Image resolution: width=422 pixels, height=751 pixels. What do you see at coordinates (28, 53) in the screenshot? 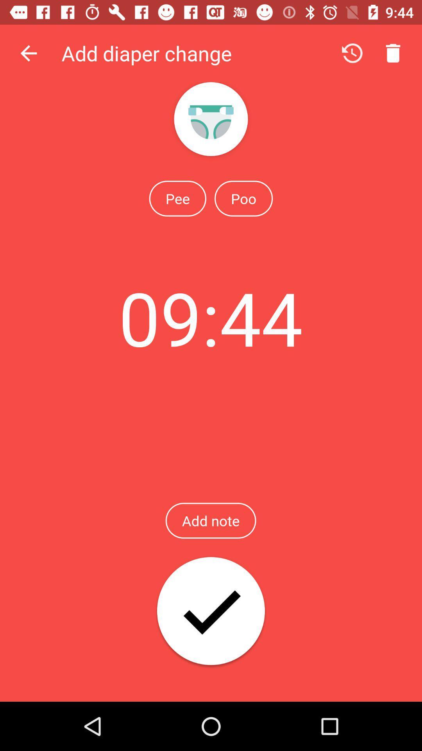
I see `the icon at the top left corner` at bounding box center [28, 53].